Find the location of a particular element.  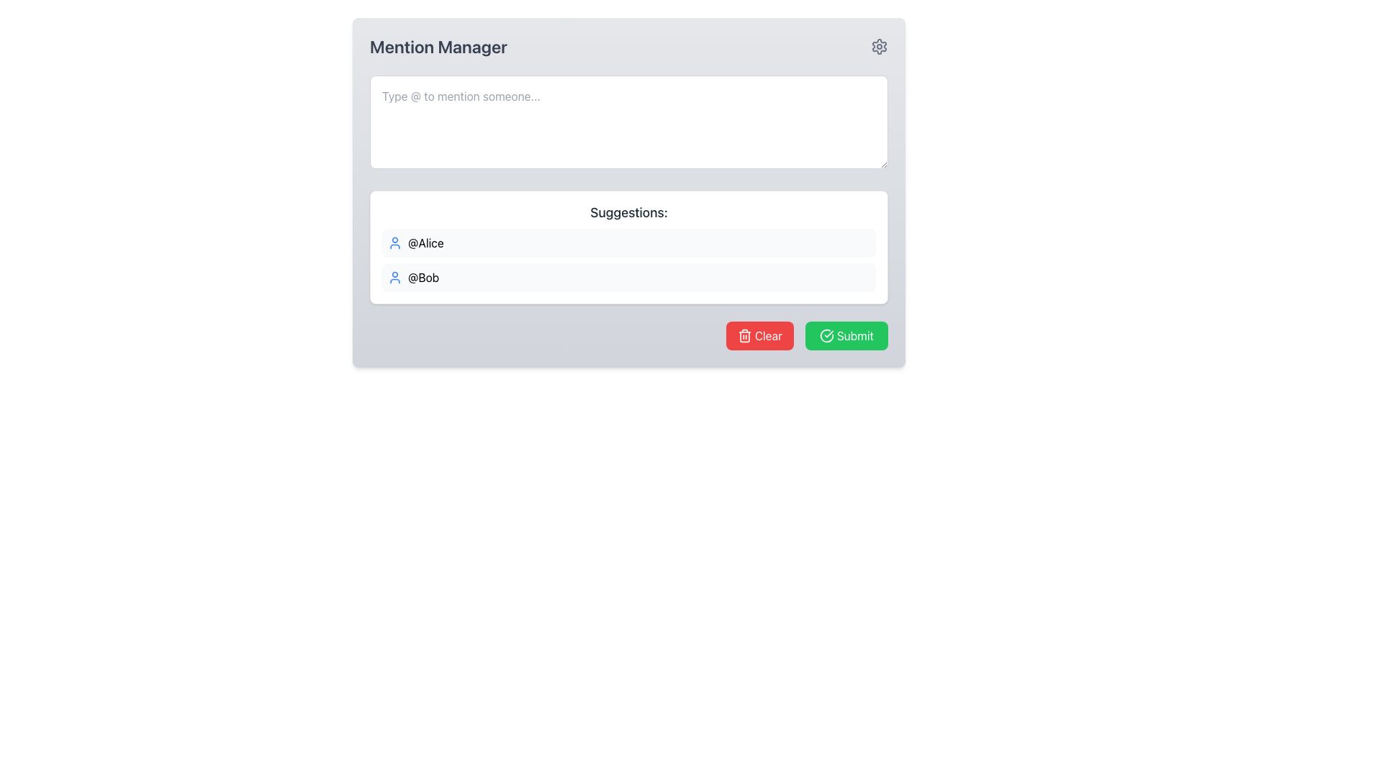

the gear icon button located at the far right of the top bar in the 'Mention Manager' interface is located at coordinates (879, 46).